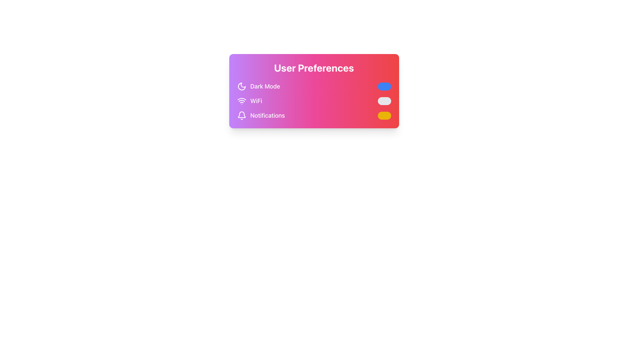 Image resolution: width=637 pixels, height=358 pixels. Describe the element at coordinates (241, 86) in the screenshot. I see `the crescent moon icon in the 'Dark Mode' section of the 'User Preferences' card, which is white with rounded edges and located to the left of the text 'Dark Mode'` at that location.